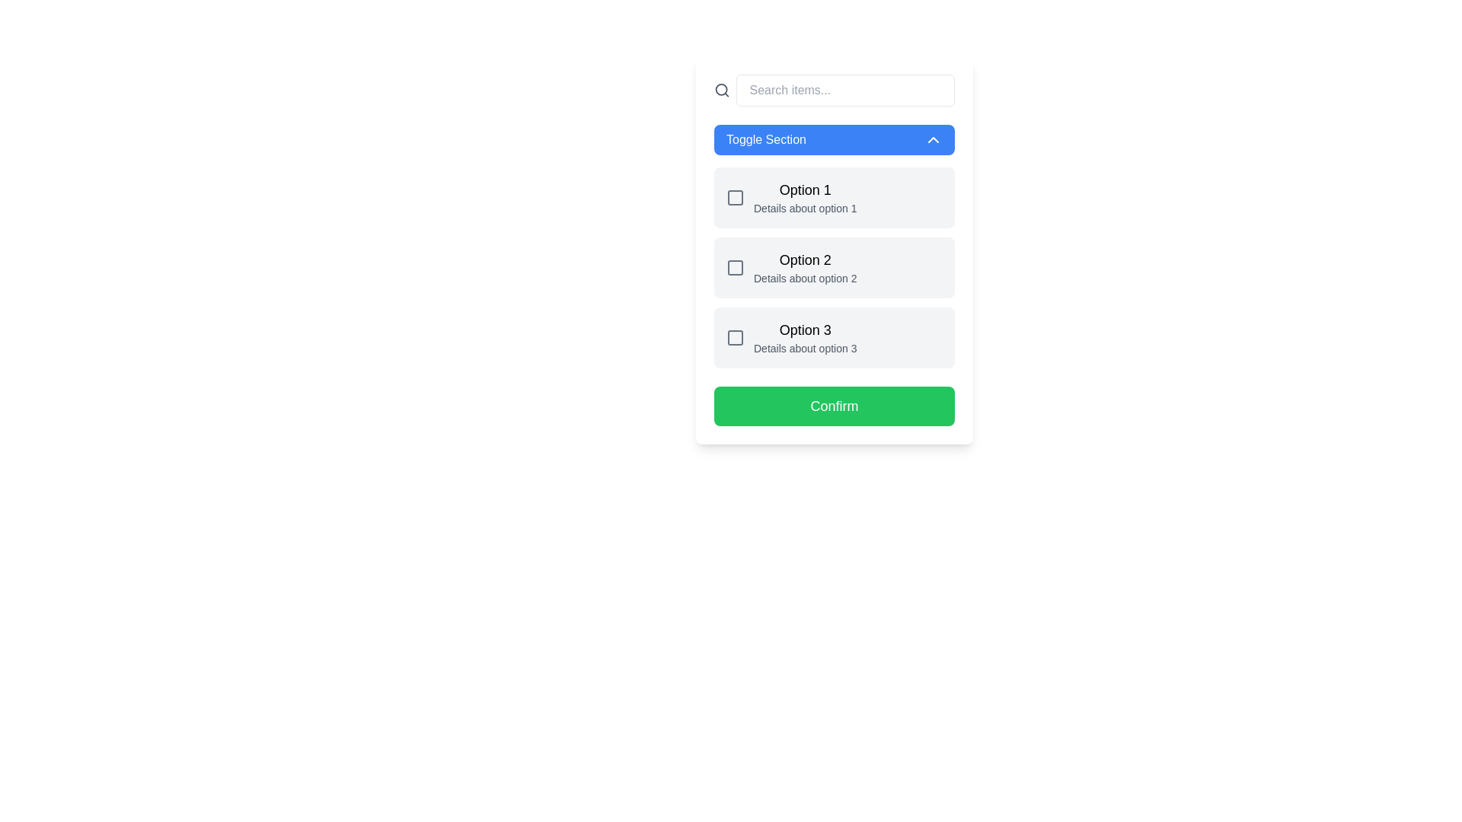 The width and height of the screenshot is (1462, 822). What do you see at coordinates (735, 196) in the screenshot?
I see `the first square checkbox icon with a gray border and hollow fill, located to the left of 'Option 1'` at bounding box center [735, 196].